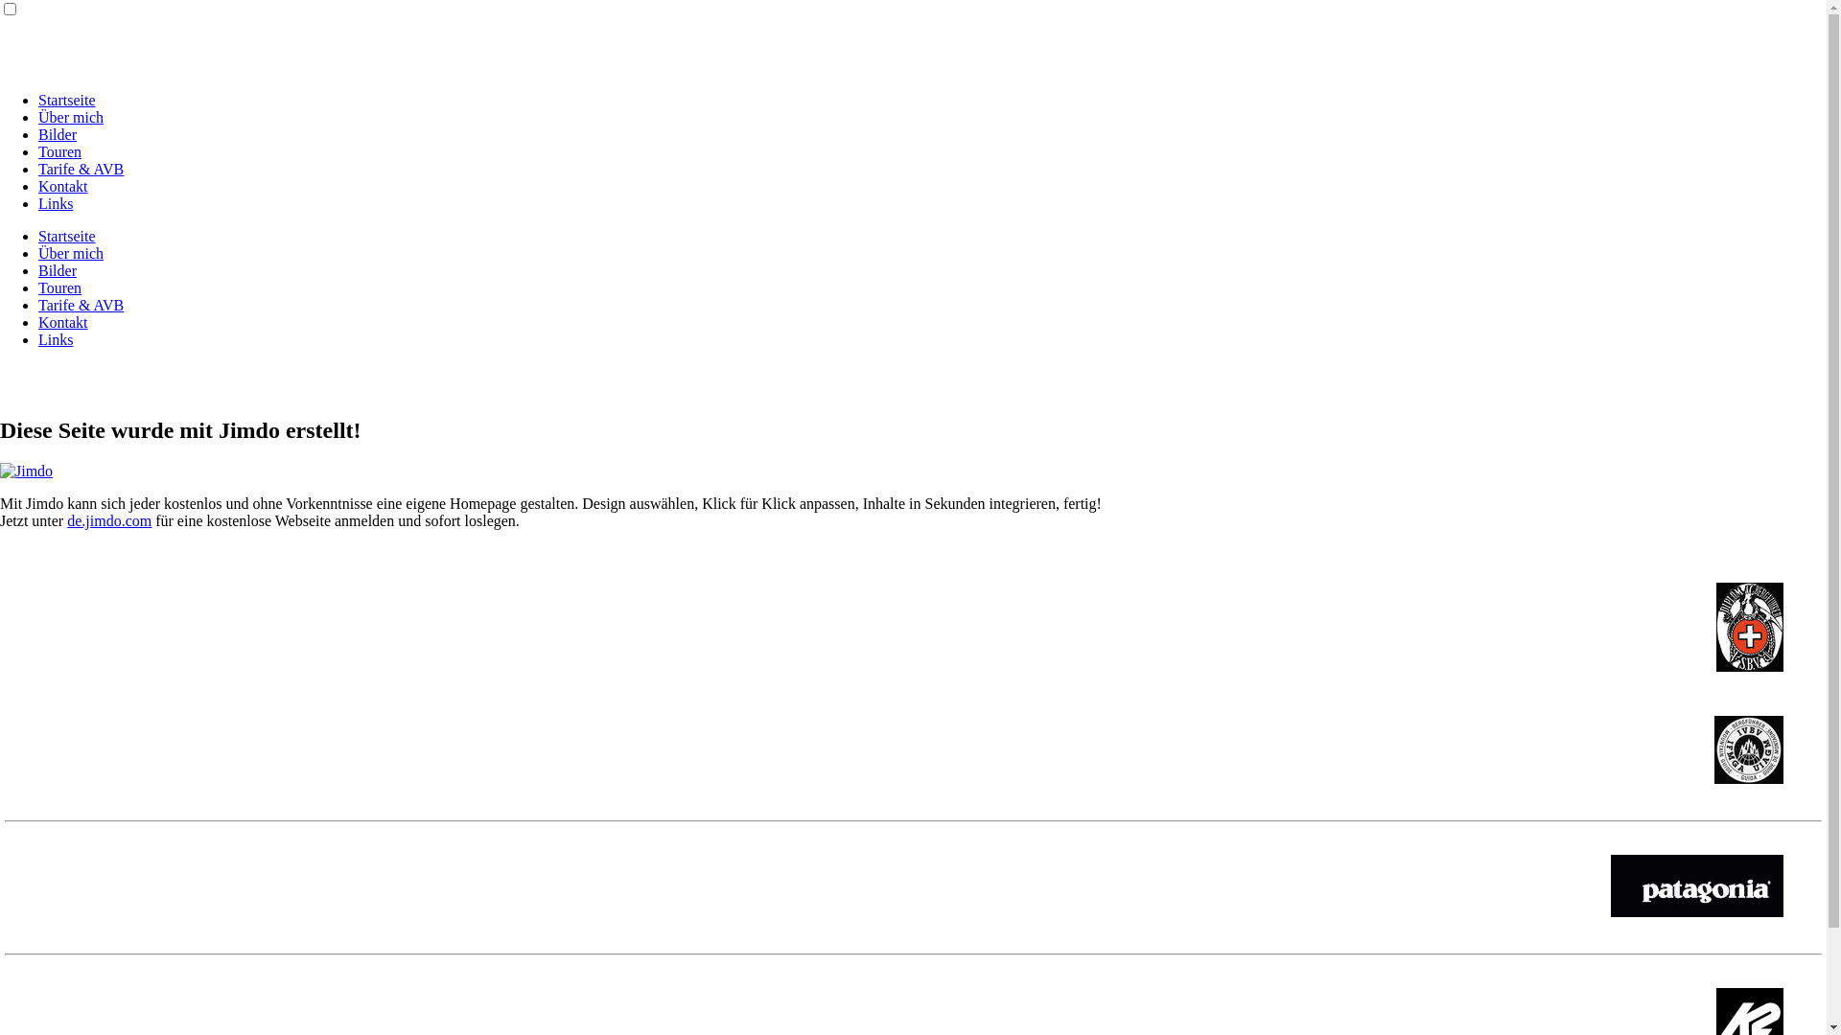 Image resolution: width=1841 pixels, height=1035 pixels. What do you see at coordinates (108, 520) in the screenshot?
I see `'de.jimdo.com'` at bounding box center [108, 520].